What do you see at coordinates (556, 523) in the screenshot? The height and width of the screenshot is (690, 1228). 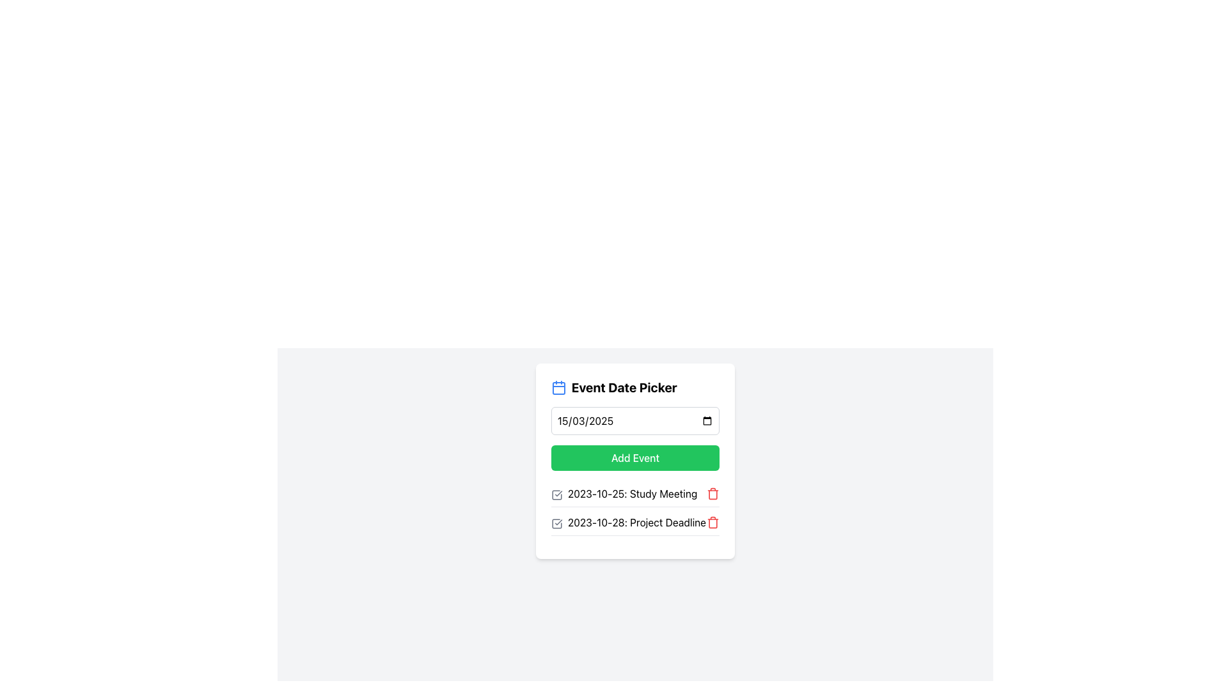 I see `the checkbox for the event '2023-10-28: Project Deadline' to trigger a special action if enabled` at bounding box center [556, 523].